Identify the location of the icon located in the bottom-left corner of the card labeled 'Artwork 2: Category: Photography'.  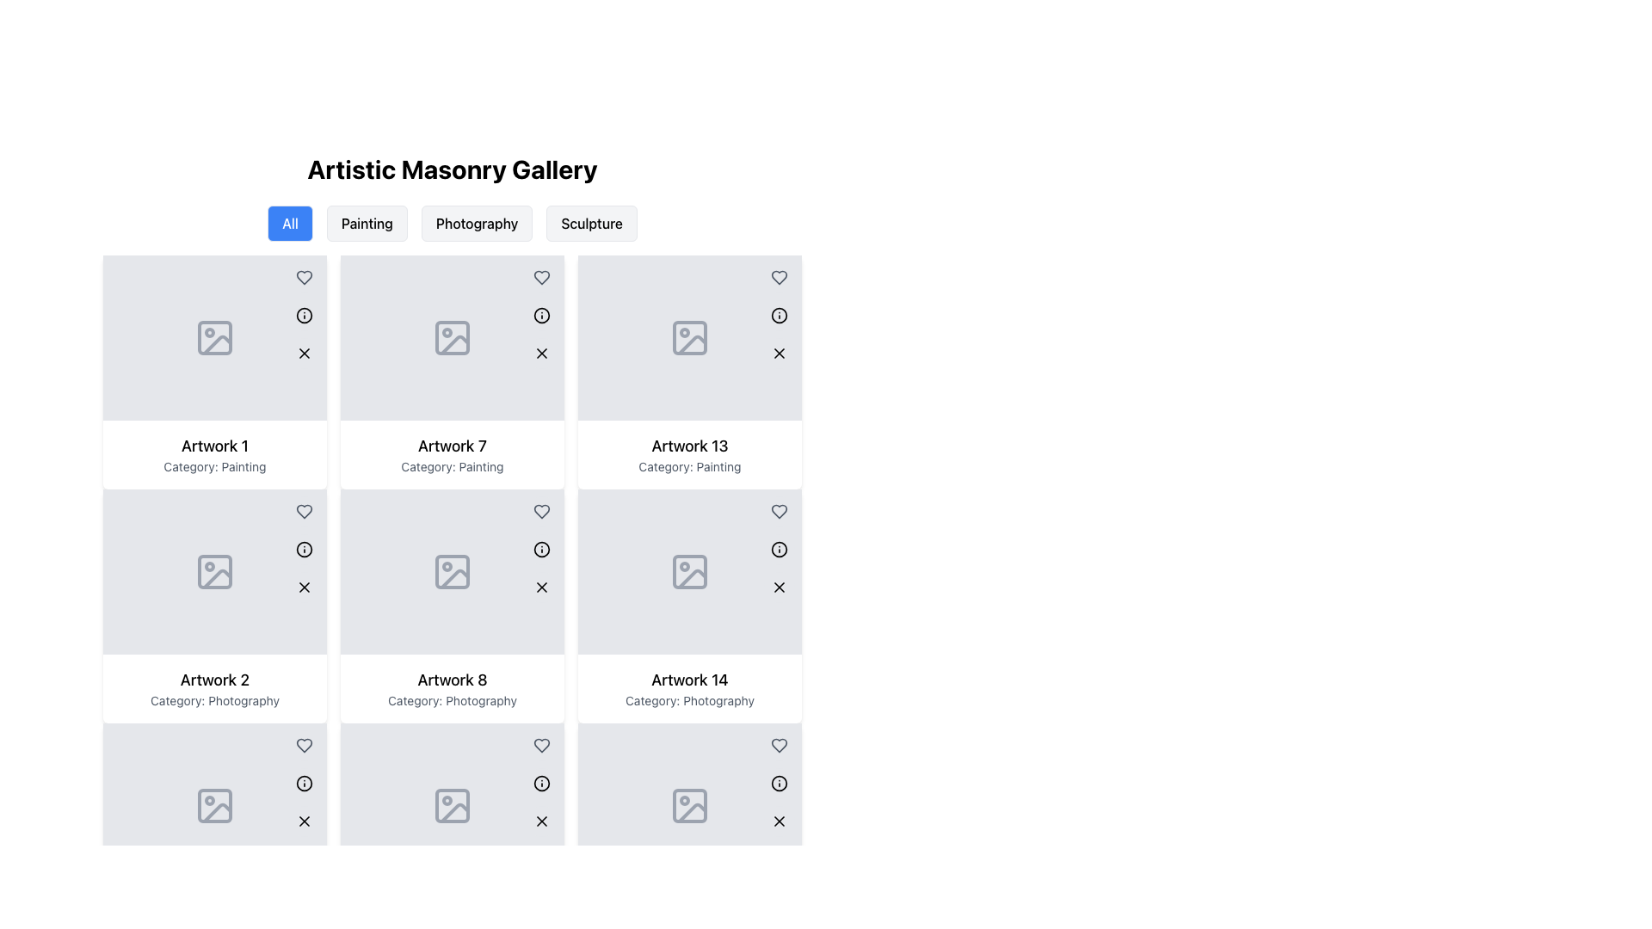
(305, 783).